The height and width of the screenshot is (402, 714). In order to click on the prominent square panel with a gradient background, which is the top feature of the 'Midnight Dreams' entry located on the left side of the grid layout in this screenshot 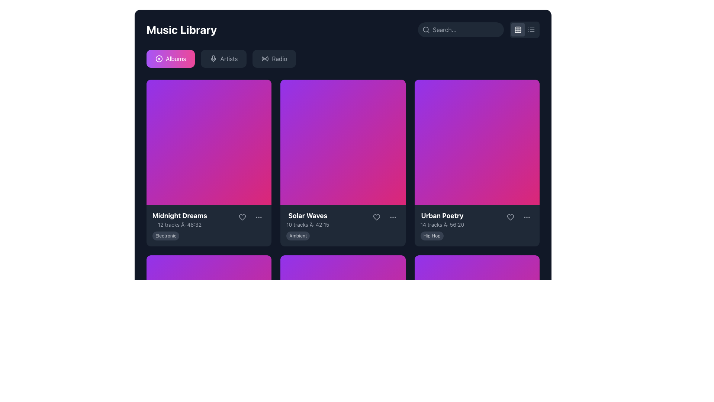, I will do `click(209, 142)`.